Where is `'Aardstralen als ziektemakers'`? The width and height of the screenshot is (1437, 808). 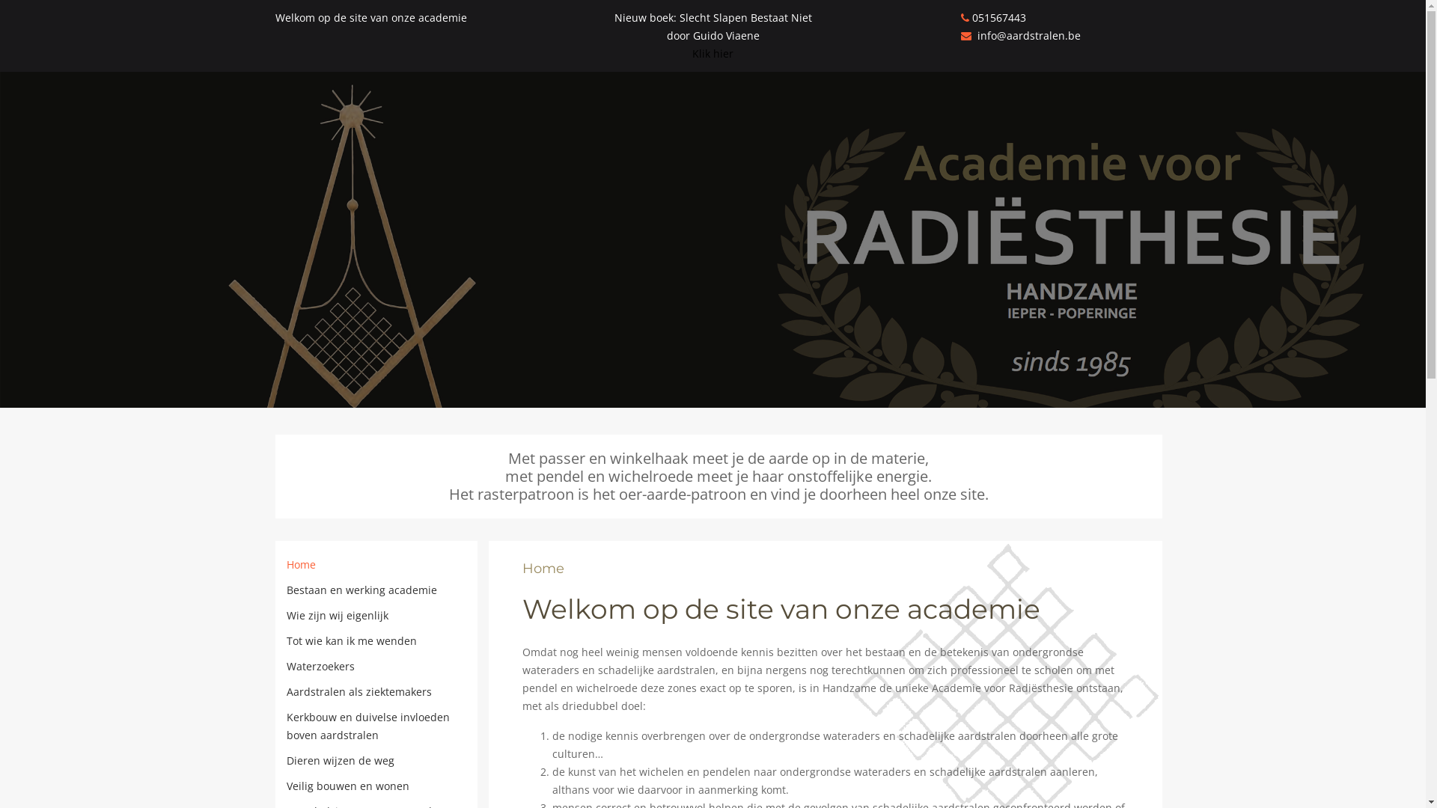 'Aardstralen als ziektemakers' is located at coordinates (358, 691).